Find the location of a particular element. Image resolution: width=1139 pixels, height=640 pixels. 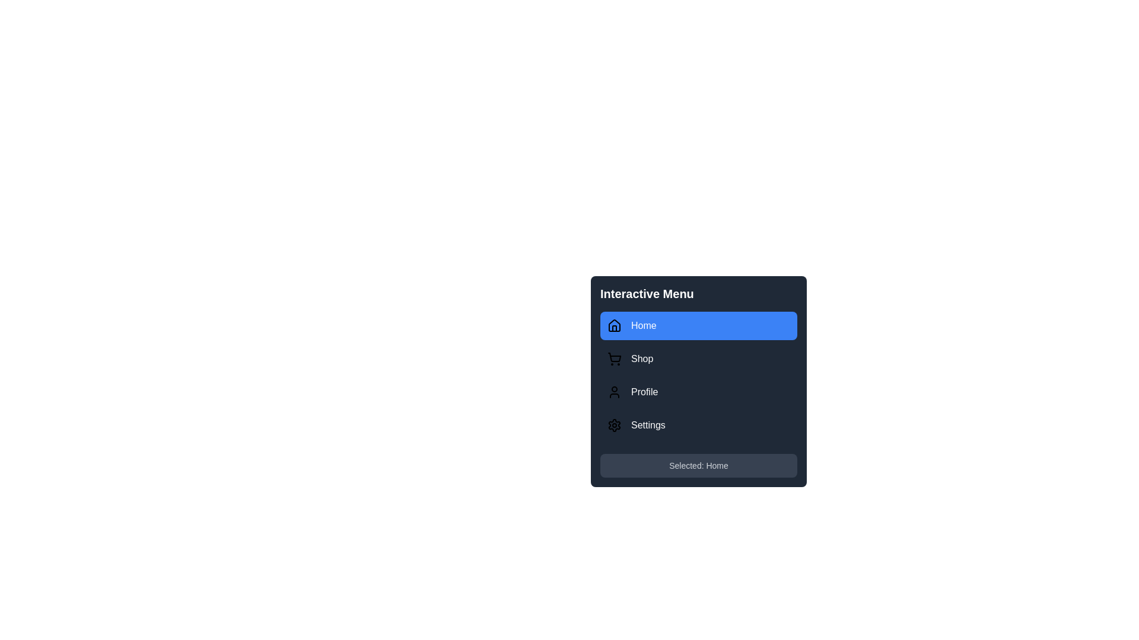

the text label displaying 'Selected: Home' located at the bottom of the menu layout, which is in a light gray font style is located at coordinates (698, 465).